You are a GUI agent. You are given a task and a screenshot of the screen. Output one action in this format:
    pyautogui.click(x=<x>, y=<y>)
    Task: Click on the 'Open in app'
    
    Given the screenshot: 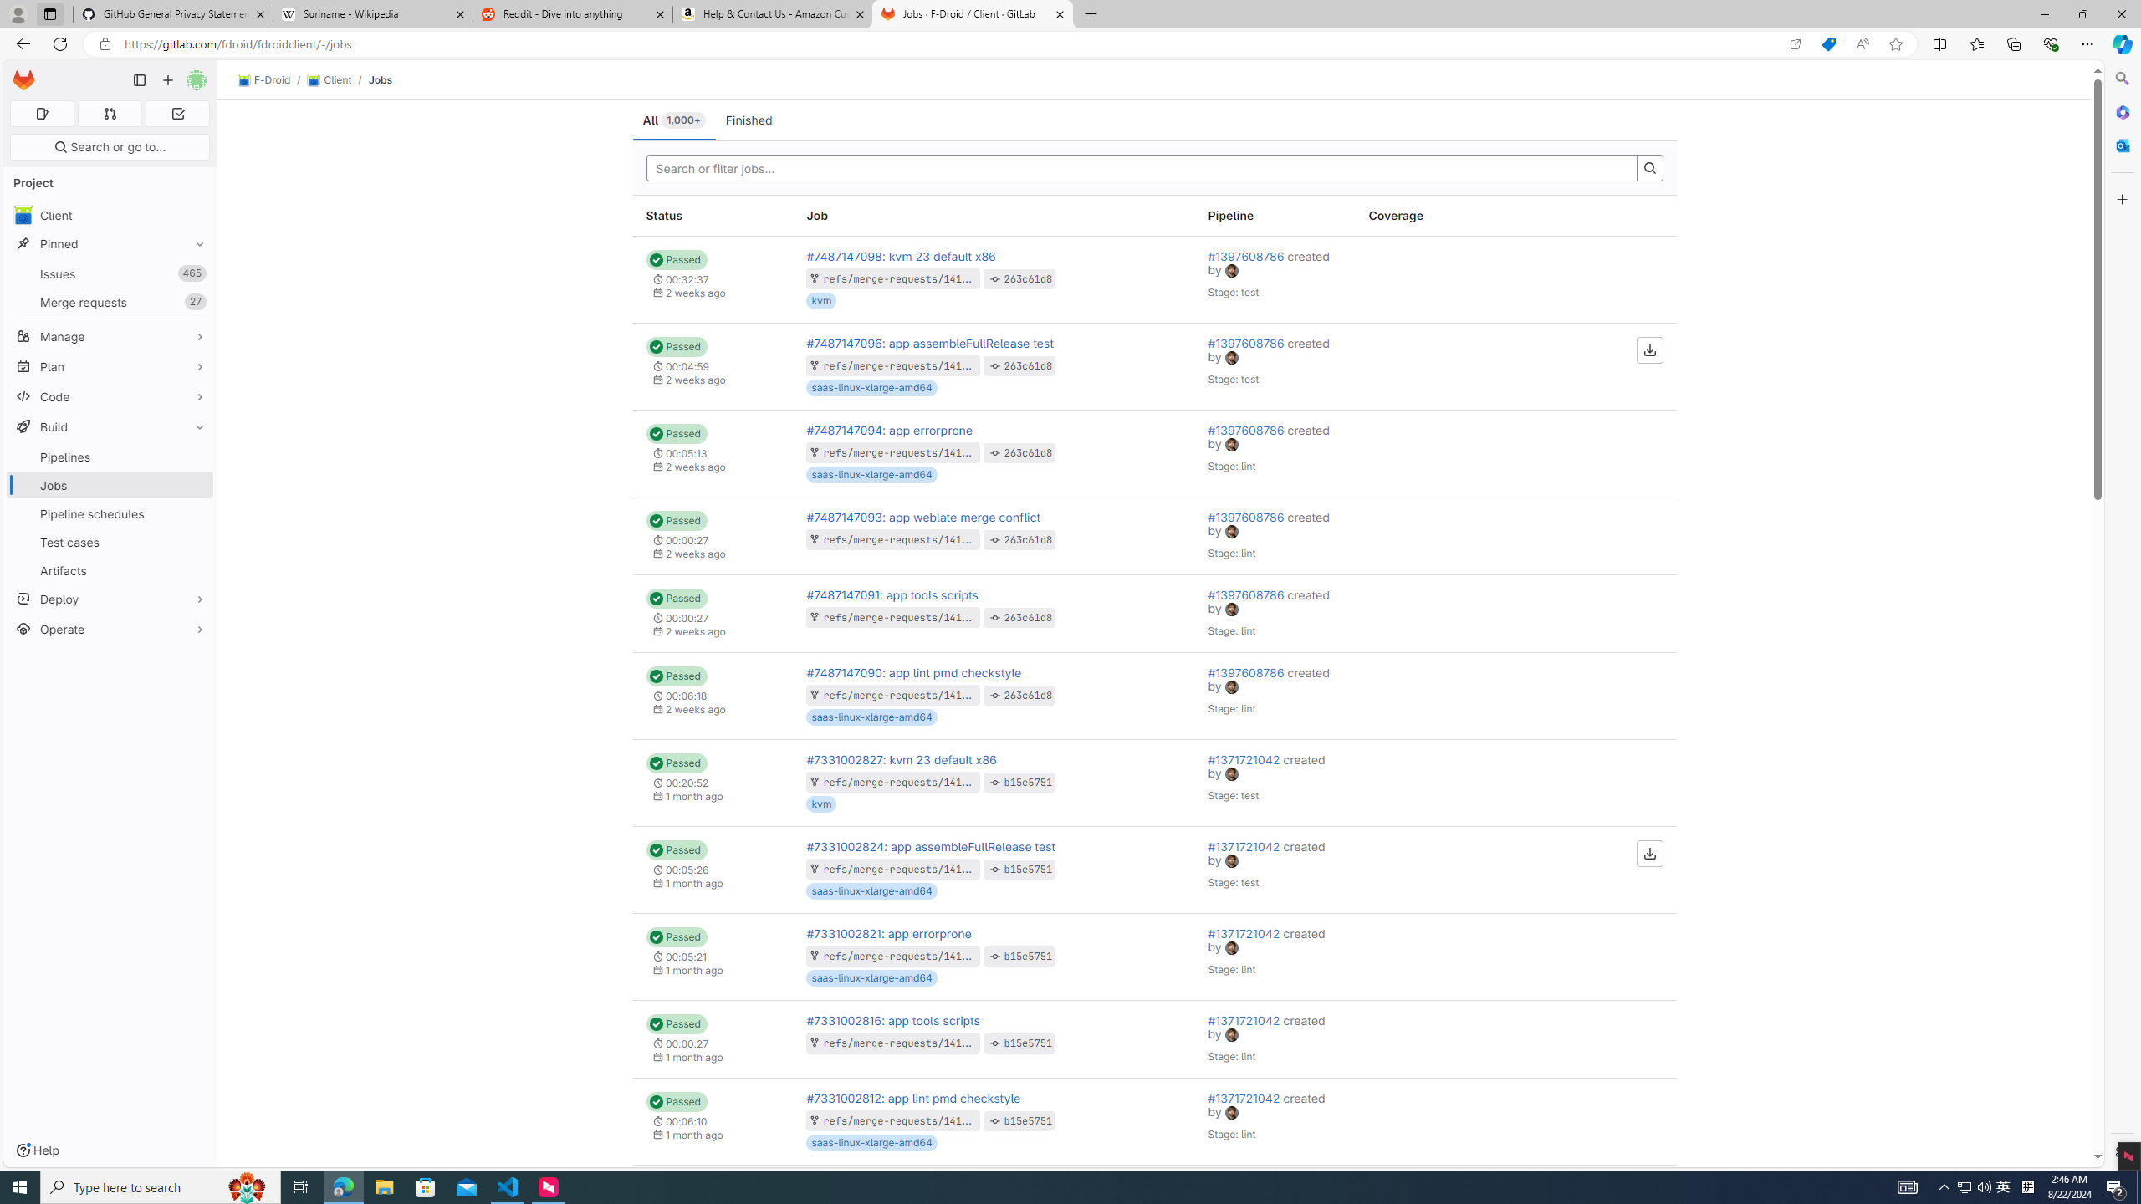 What is the action you would take?
    pyautogui.click(x=1794, y=44)
    